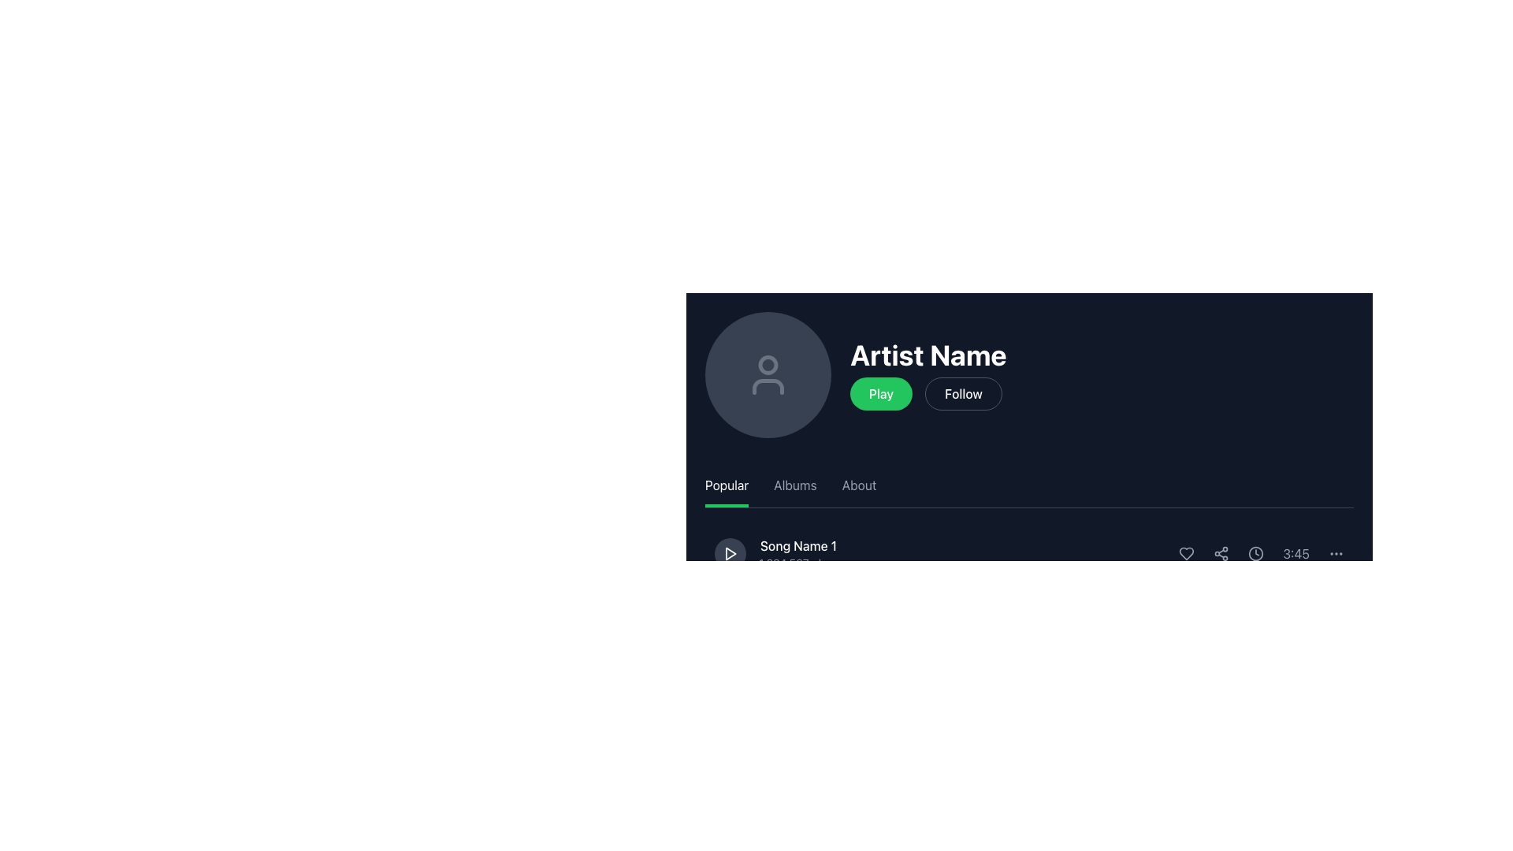 This screenshot has height=851, width=1513. Describe the element at coordinates (798, 545) in the screenshot. I see `text displayed in the song name label located at the top left corner of the 'Popular' song list item` at that location.